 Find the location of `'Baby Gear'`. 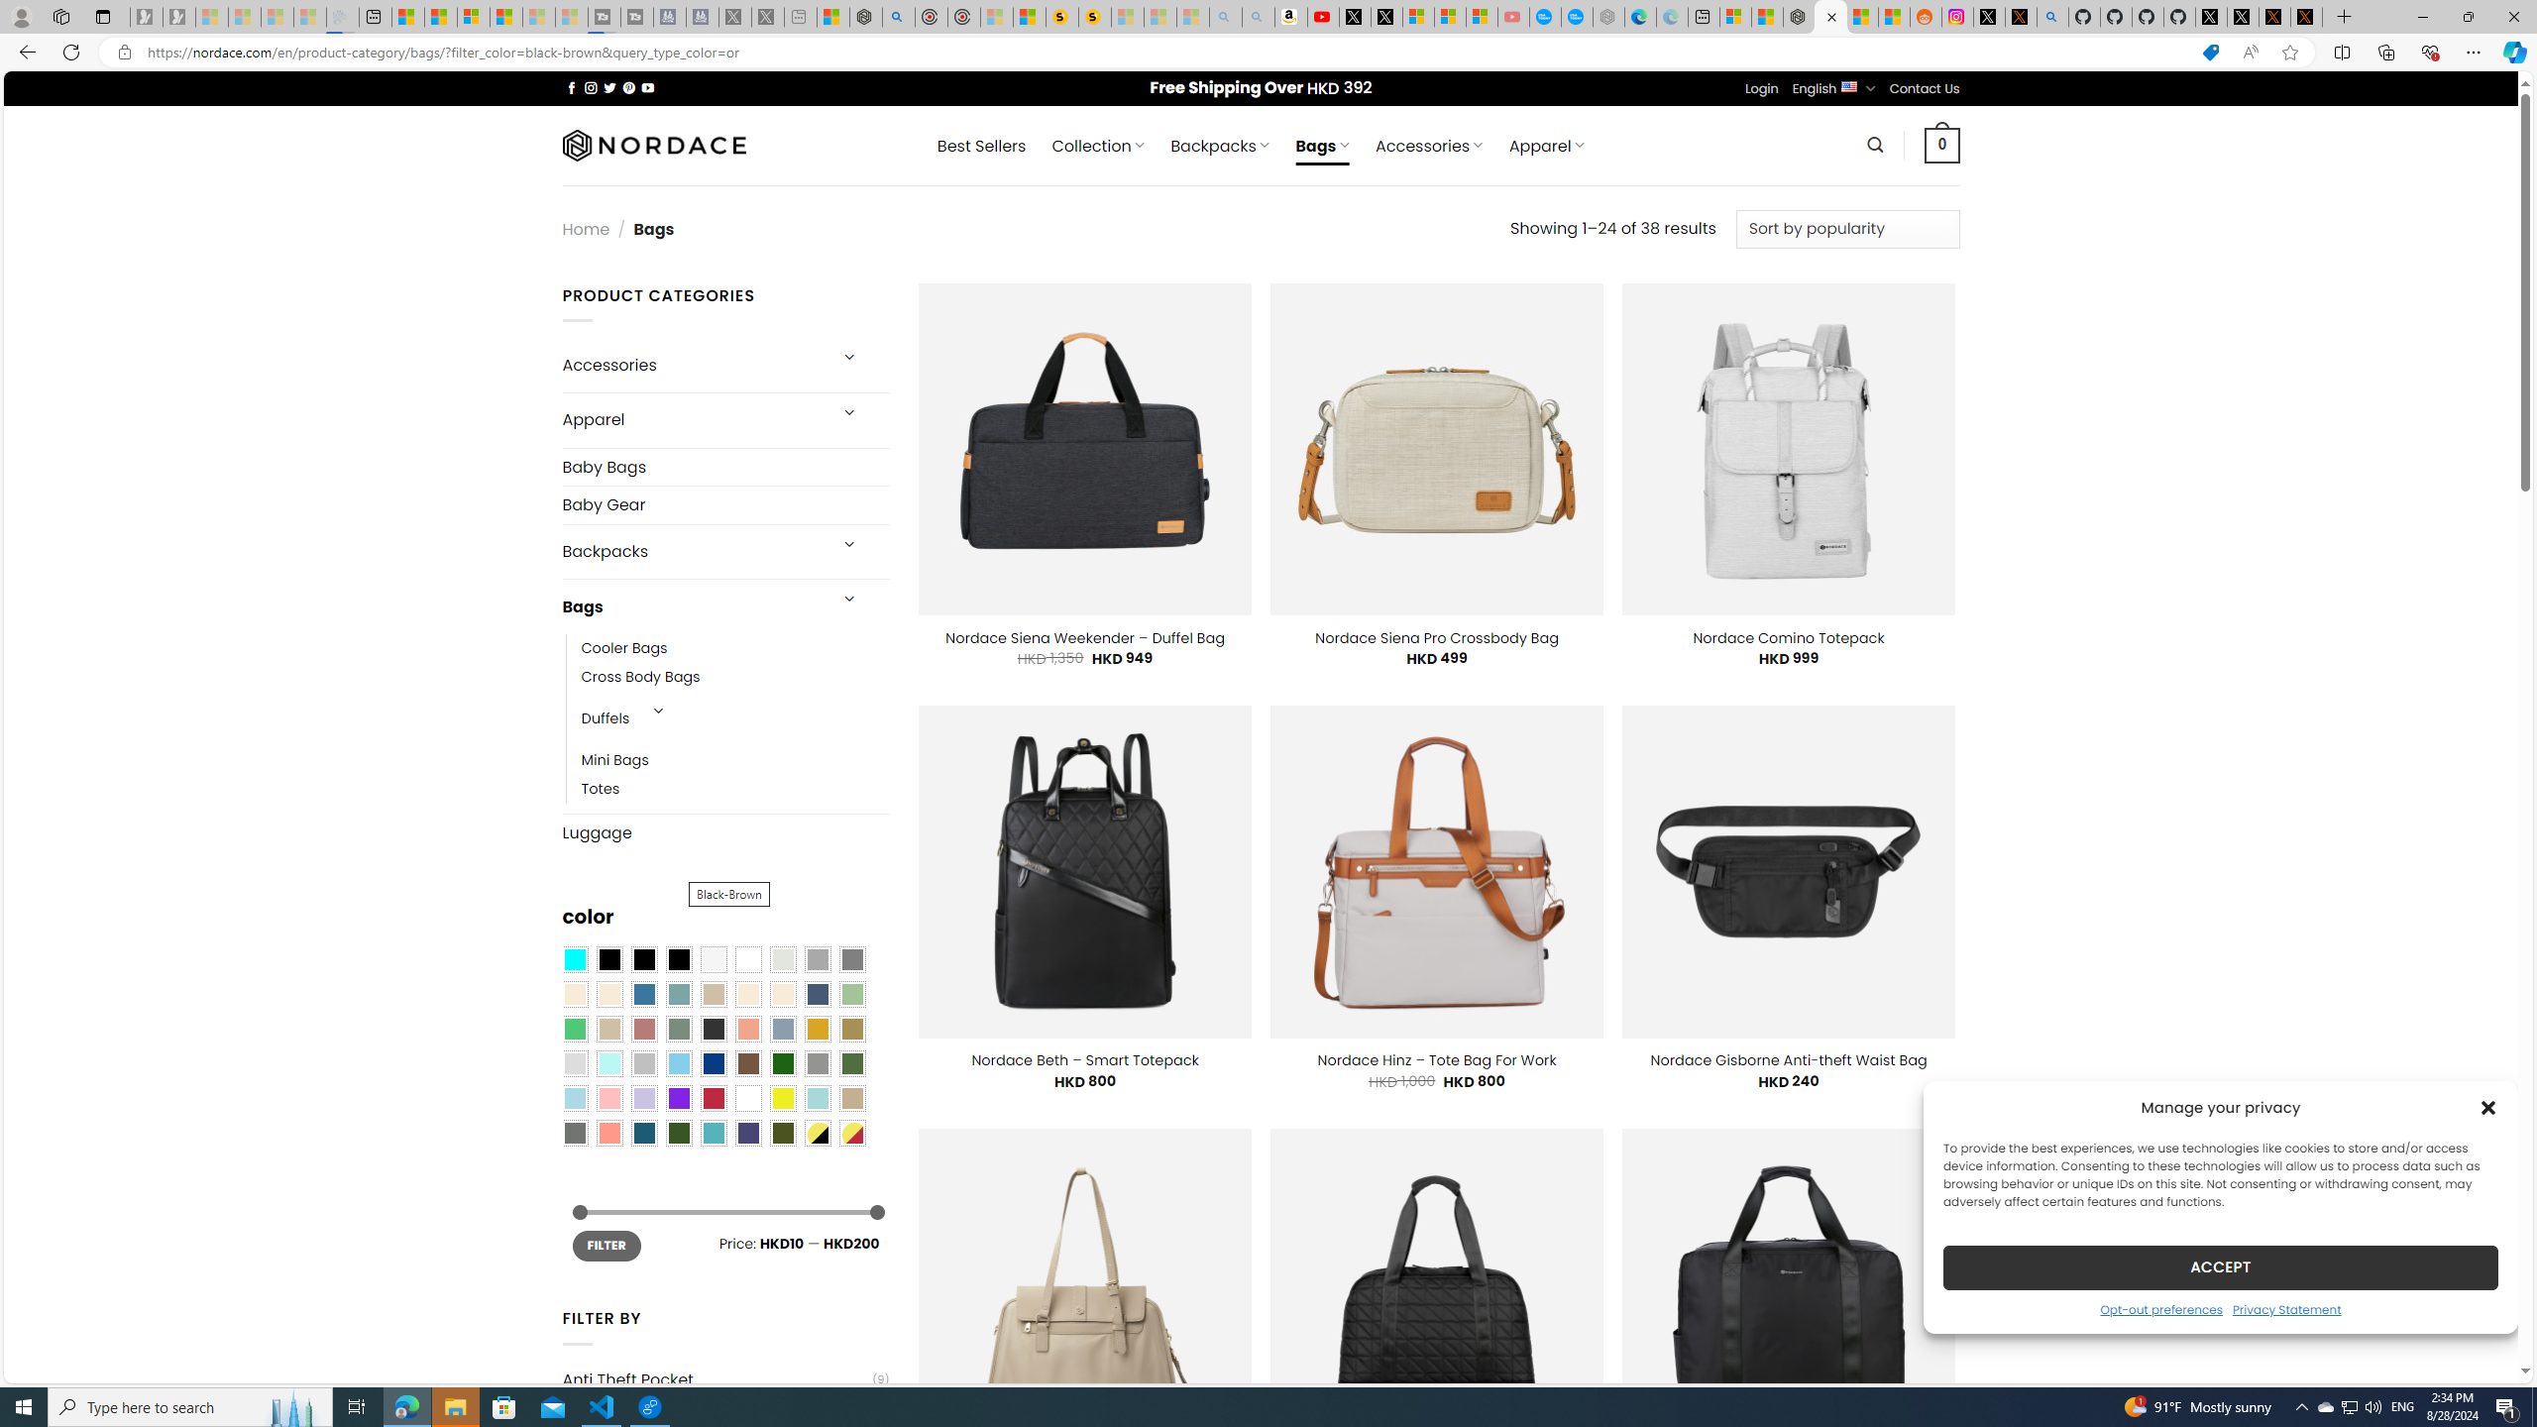

'Baby Gear' is located at coordinates (724, 504).